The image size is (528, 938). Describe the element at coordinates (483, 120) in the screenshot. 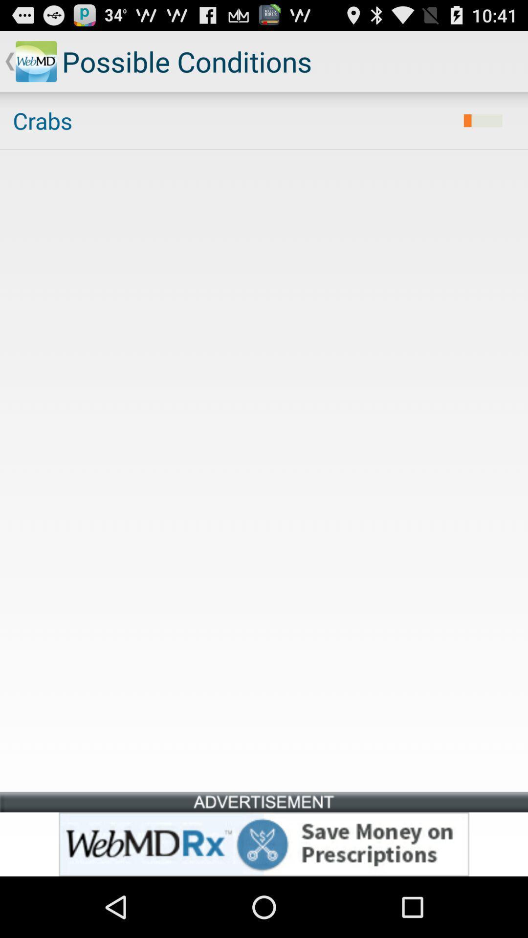

I see `item next to the crabs item` at that location.